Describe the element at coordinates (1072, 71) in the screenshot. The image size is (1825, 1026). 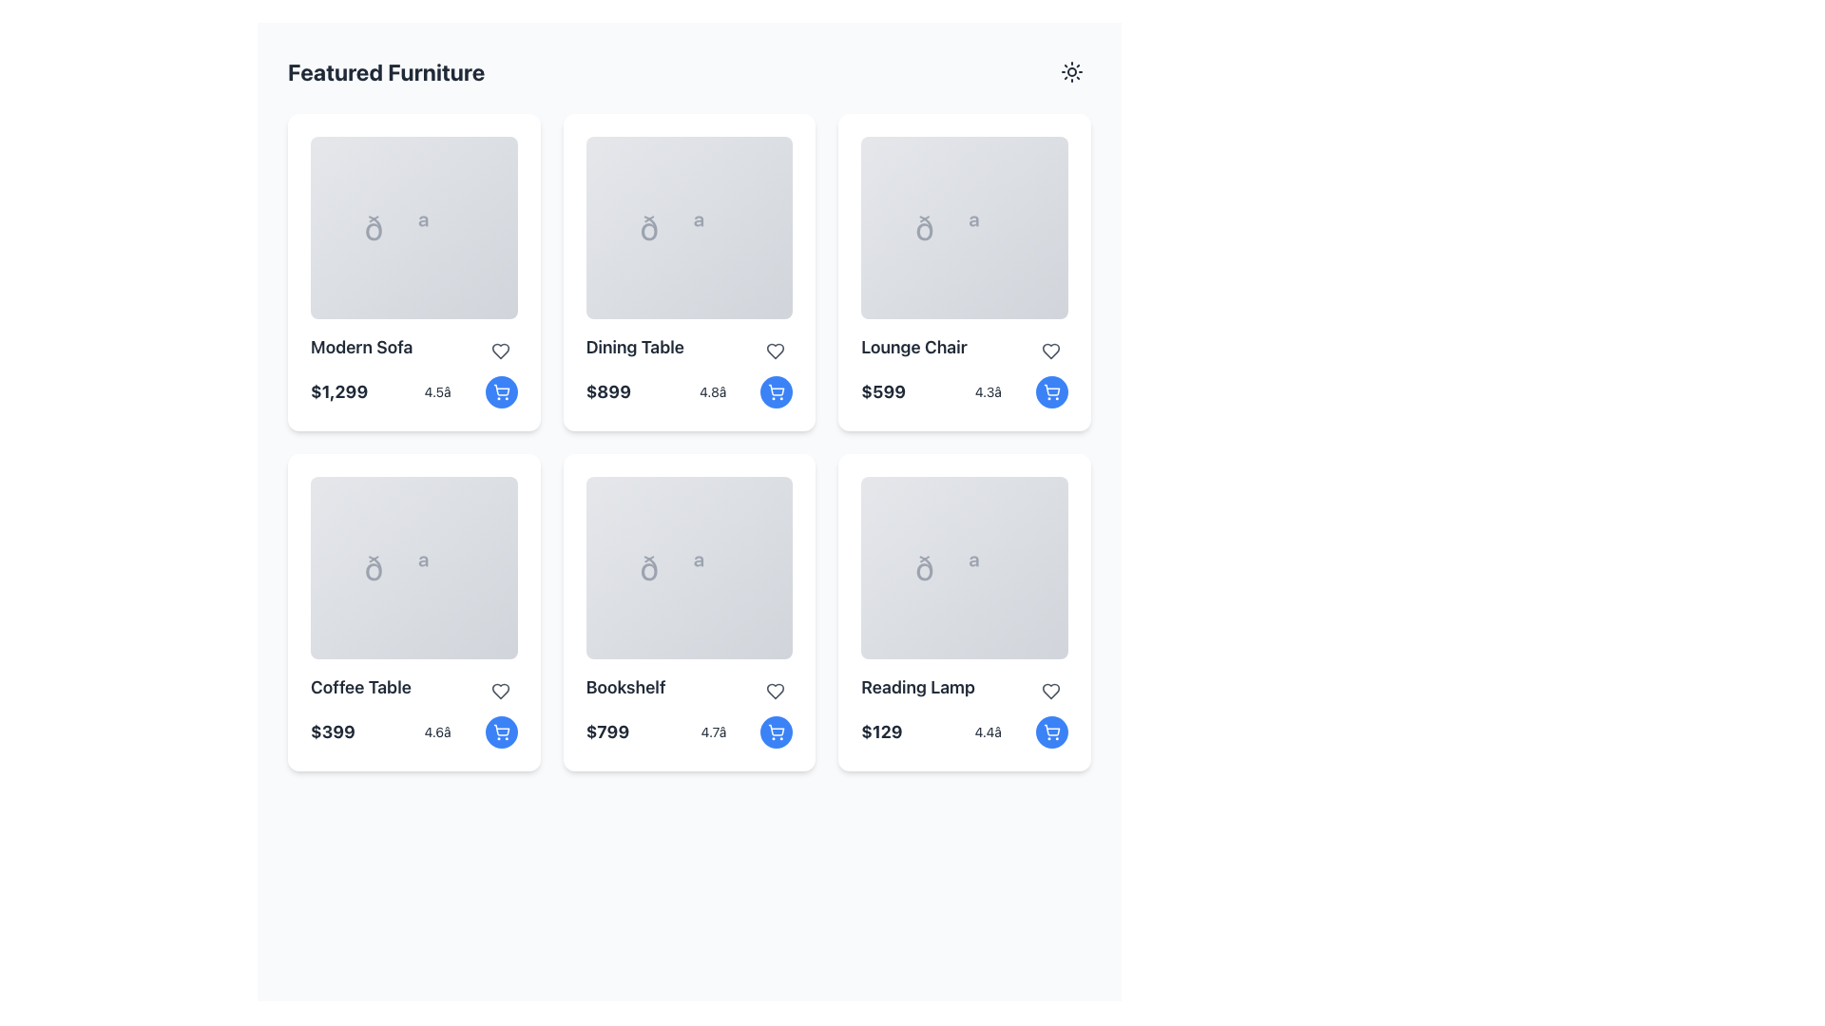
I see `the stylized sun icon in the top-right corner of the interface` at that location.